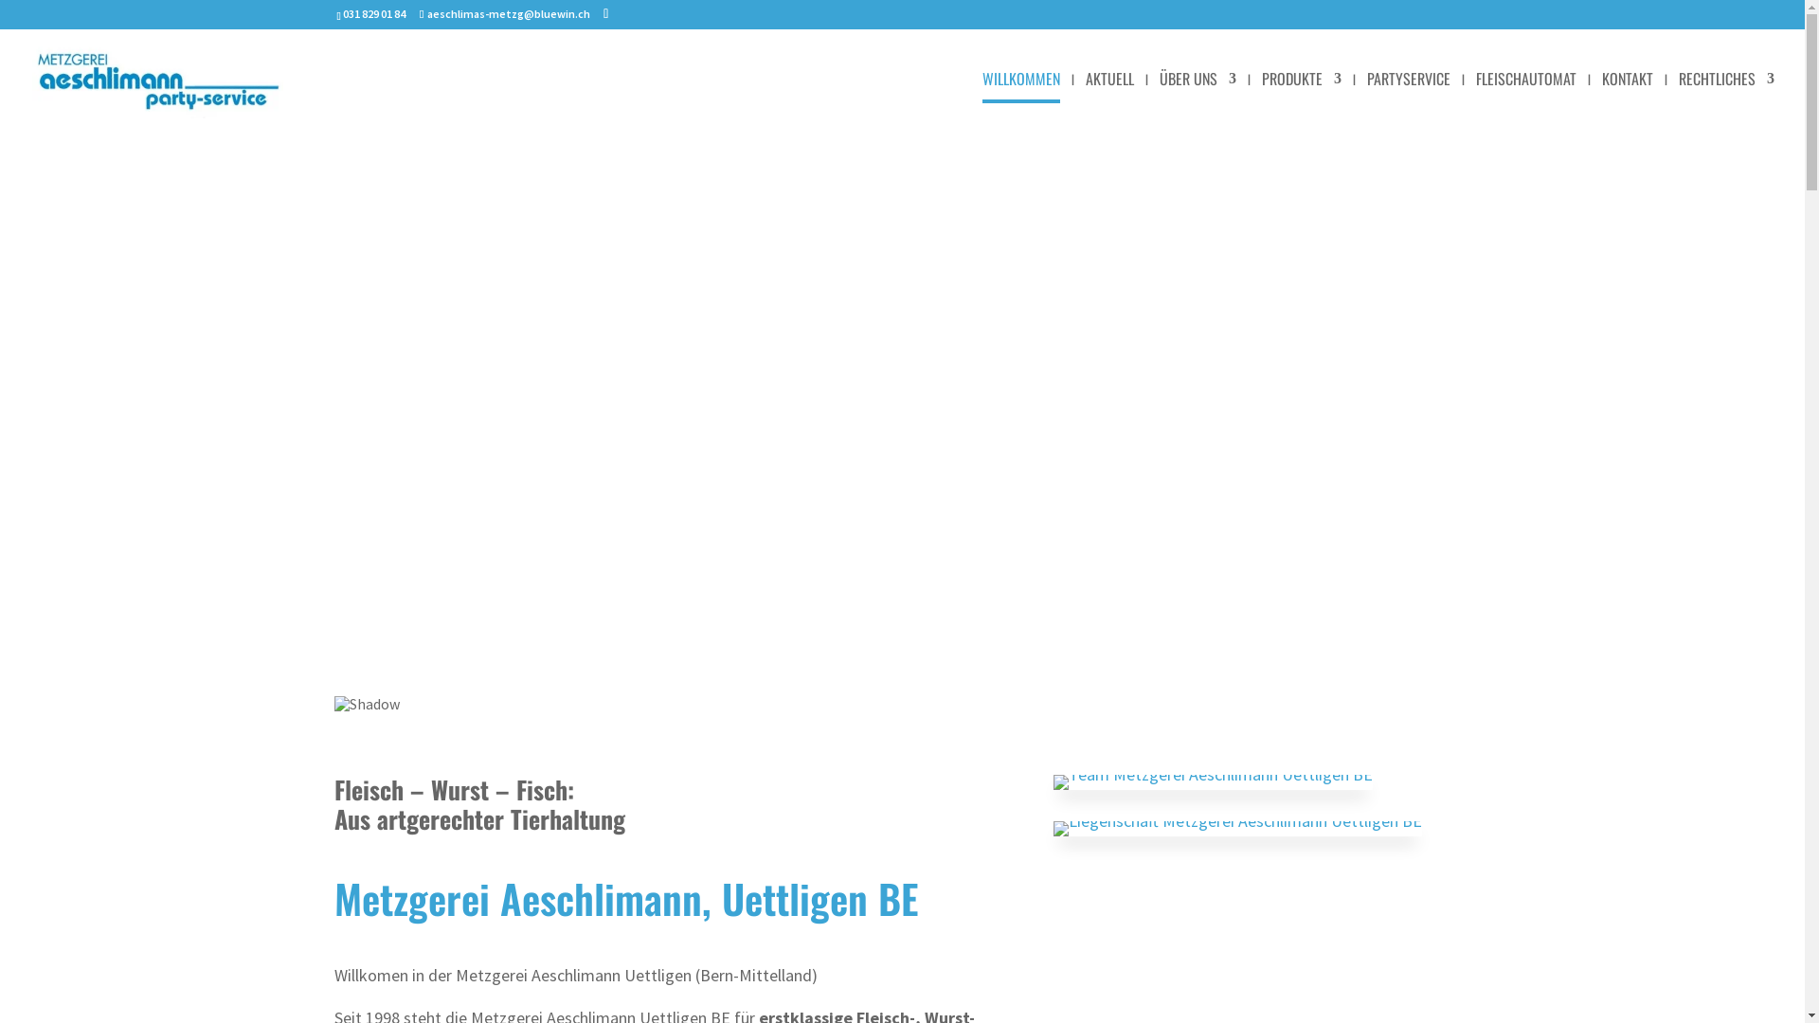 Image resolution: width=1819 pixels, height=1023 pixels. Describe the element at coordinates (1213, 781) in the screenshot. I see `'Team Metzgerei Aeschlimann Uettligen BE 2'` at that location.